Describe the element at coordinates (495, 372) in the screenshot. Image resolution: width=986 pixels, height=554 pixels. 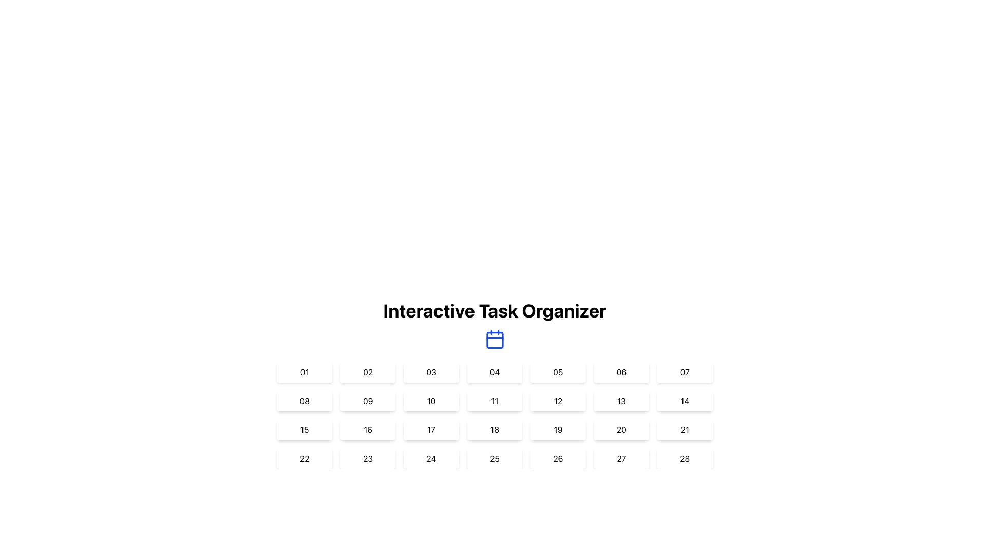
I see `the selectable button for the date '04' in the calendar interface` at that location.